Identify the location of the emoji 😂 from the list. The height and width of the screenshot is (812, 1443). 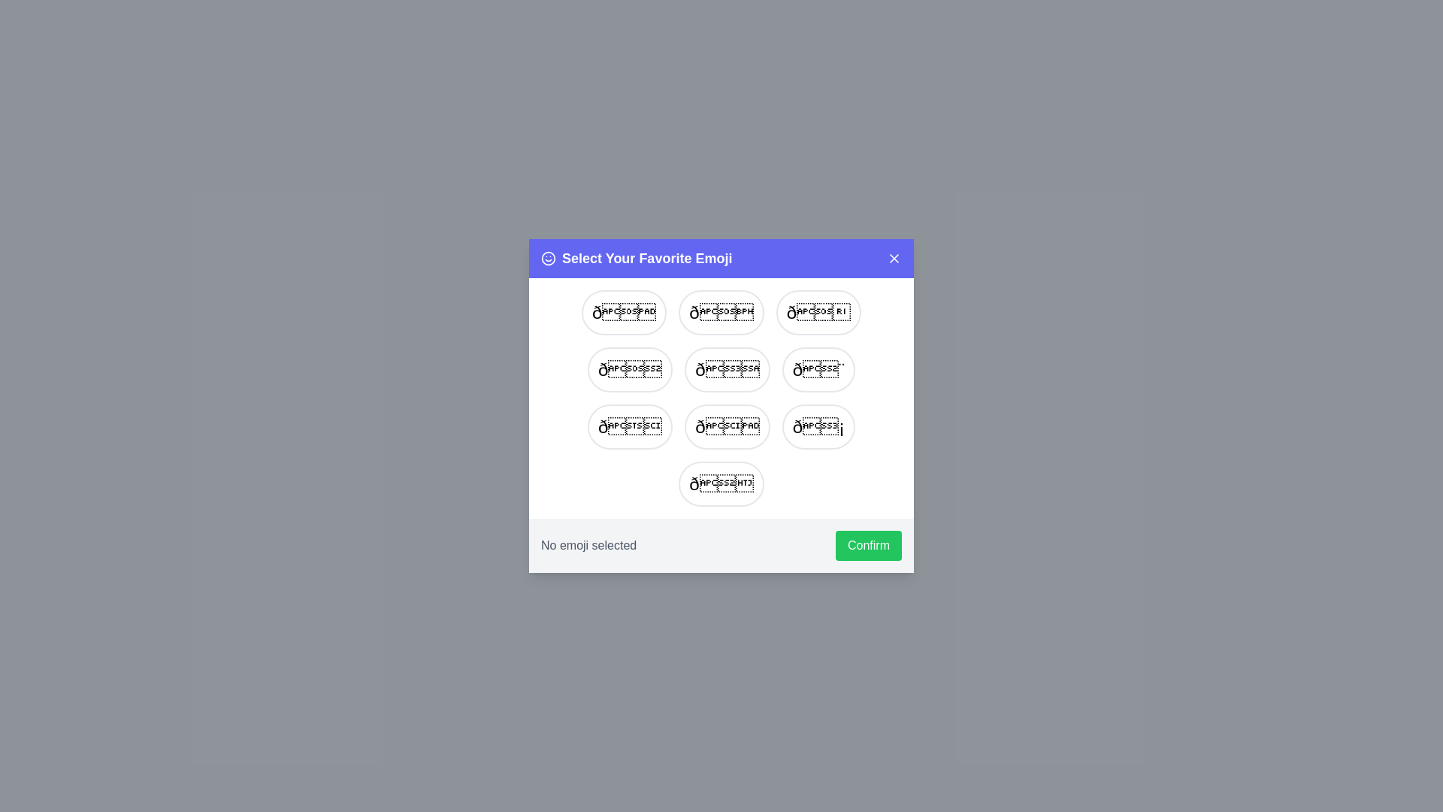
(721, 312).